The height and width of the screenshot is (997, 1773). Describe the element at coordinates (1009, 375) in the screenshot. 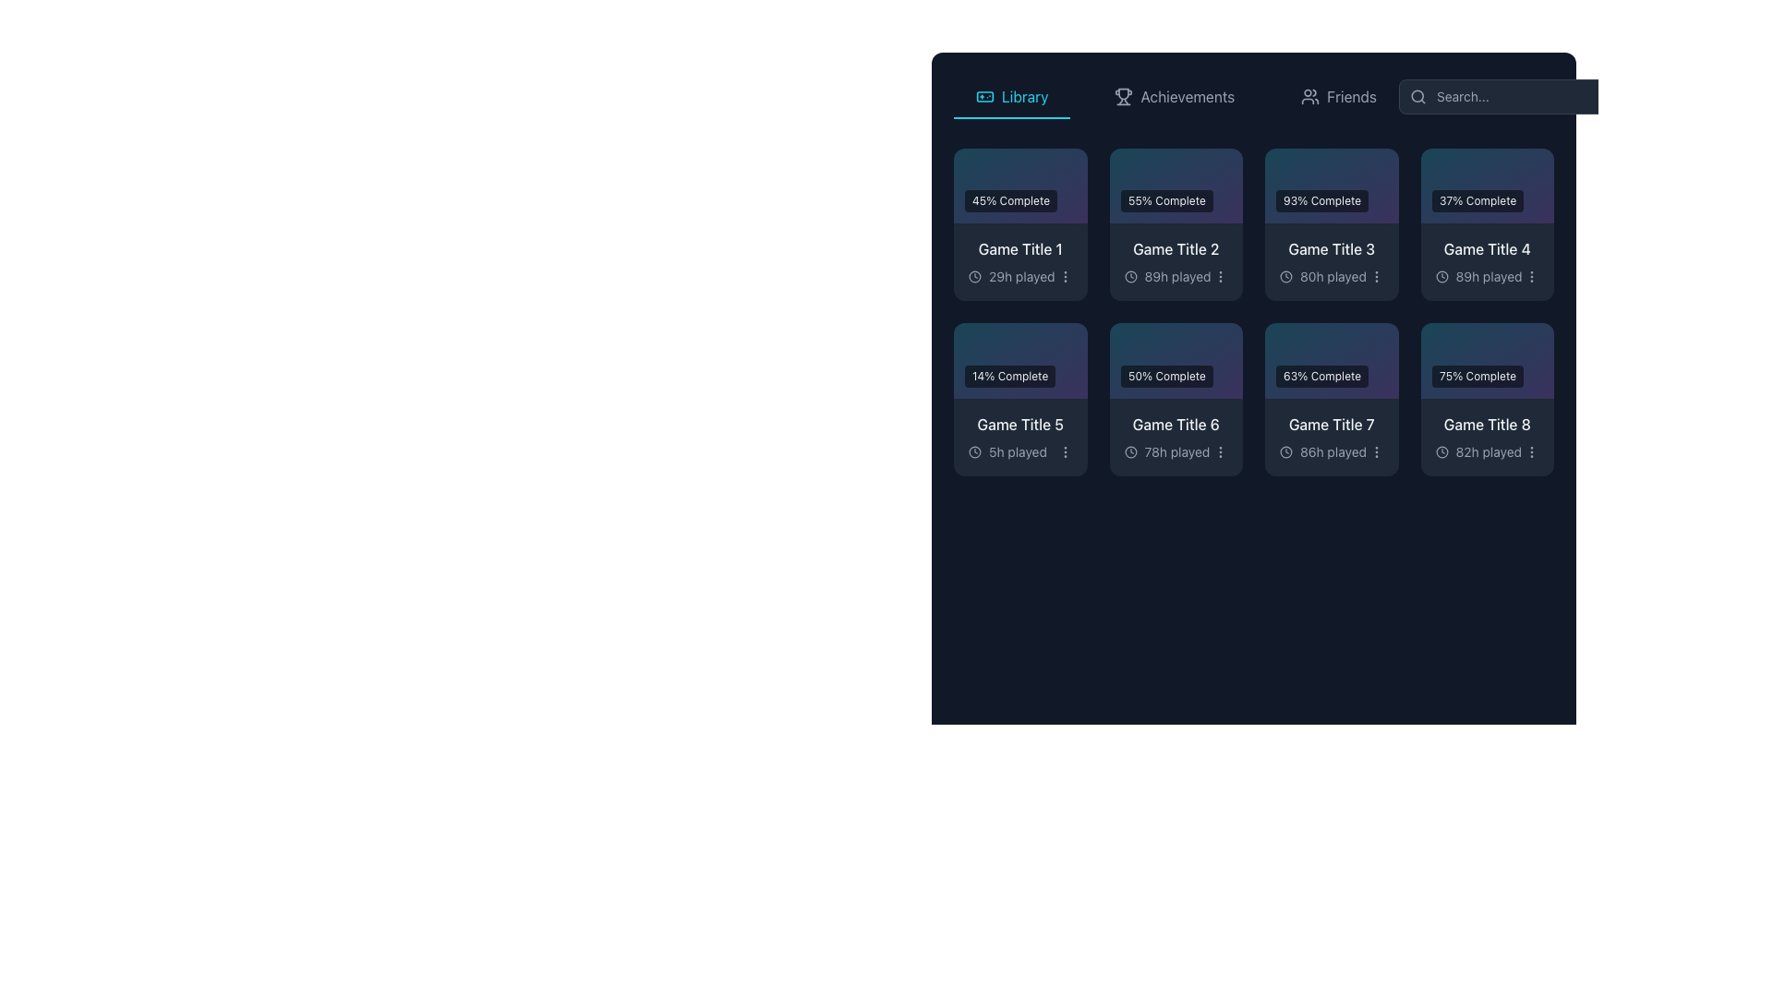

I see `the text label displaying '14% Complete' located in the lower-left corner of the card interface in the library, which has a light font color on a dark semi-transparent background` at that location.